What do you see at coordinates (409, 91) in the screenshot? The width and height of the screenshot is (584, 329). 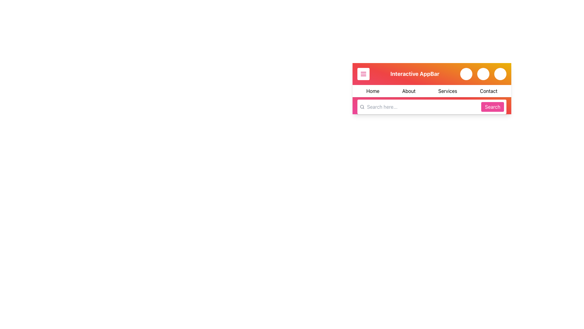 I see `the 'About' text label located` at bounding box center [409, 91].